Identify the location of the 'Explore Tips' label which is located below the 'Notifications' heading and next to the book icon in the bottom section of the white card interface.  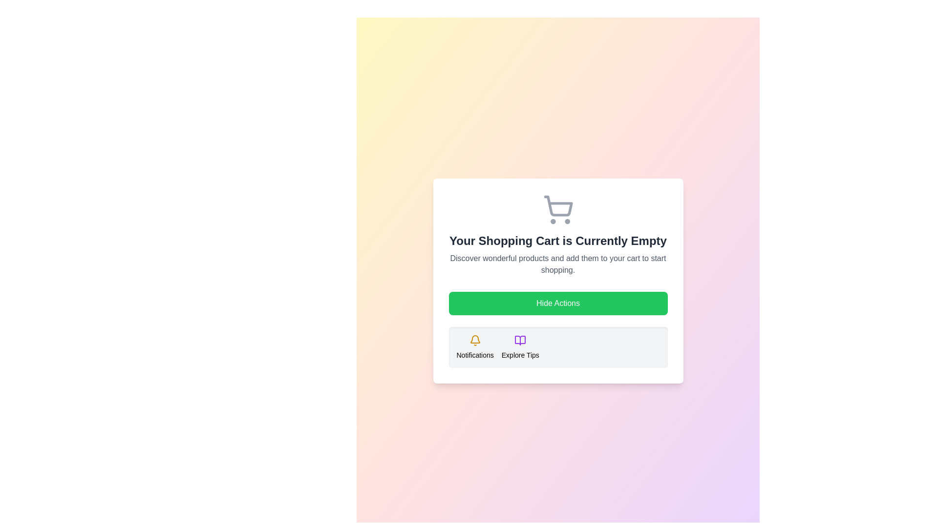
(520, 355).